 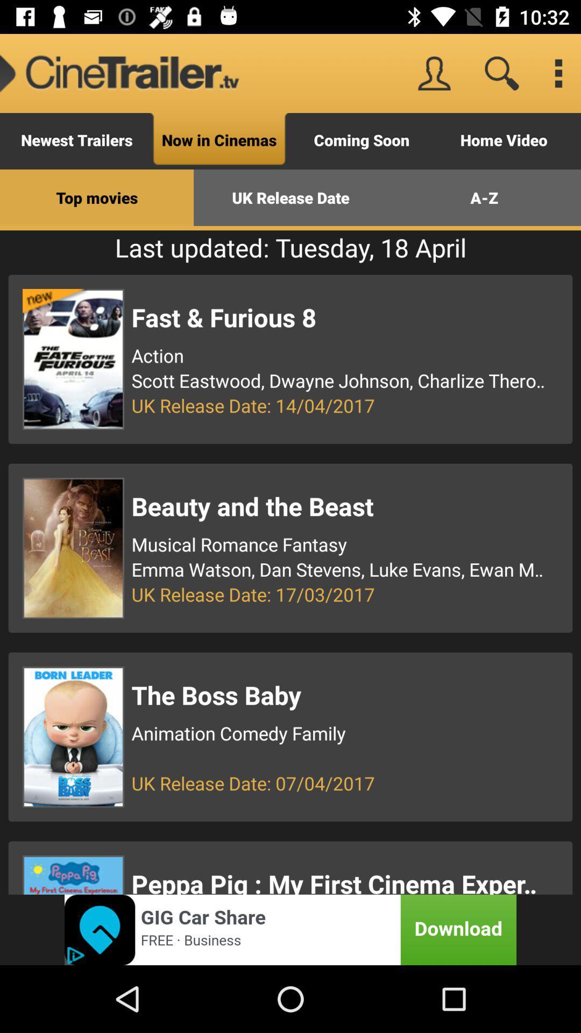 I want to click on menu, so click(x=557, y=73).